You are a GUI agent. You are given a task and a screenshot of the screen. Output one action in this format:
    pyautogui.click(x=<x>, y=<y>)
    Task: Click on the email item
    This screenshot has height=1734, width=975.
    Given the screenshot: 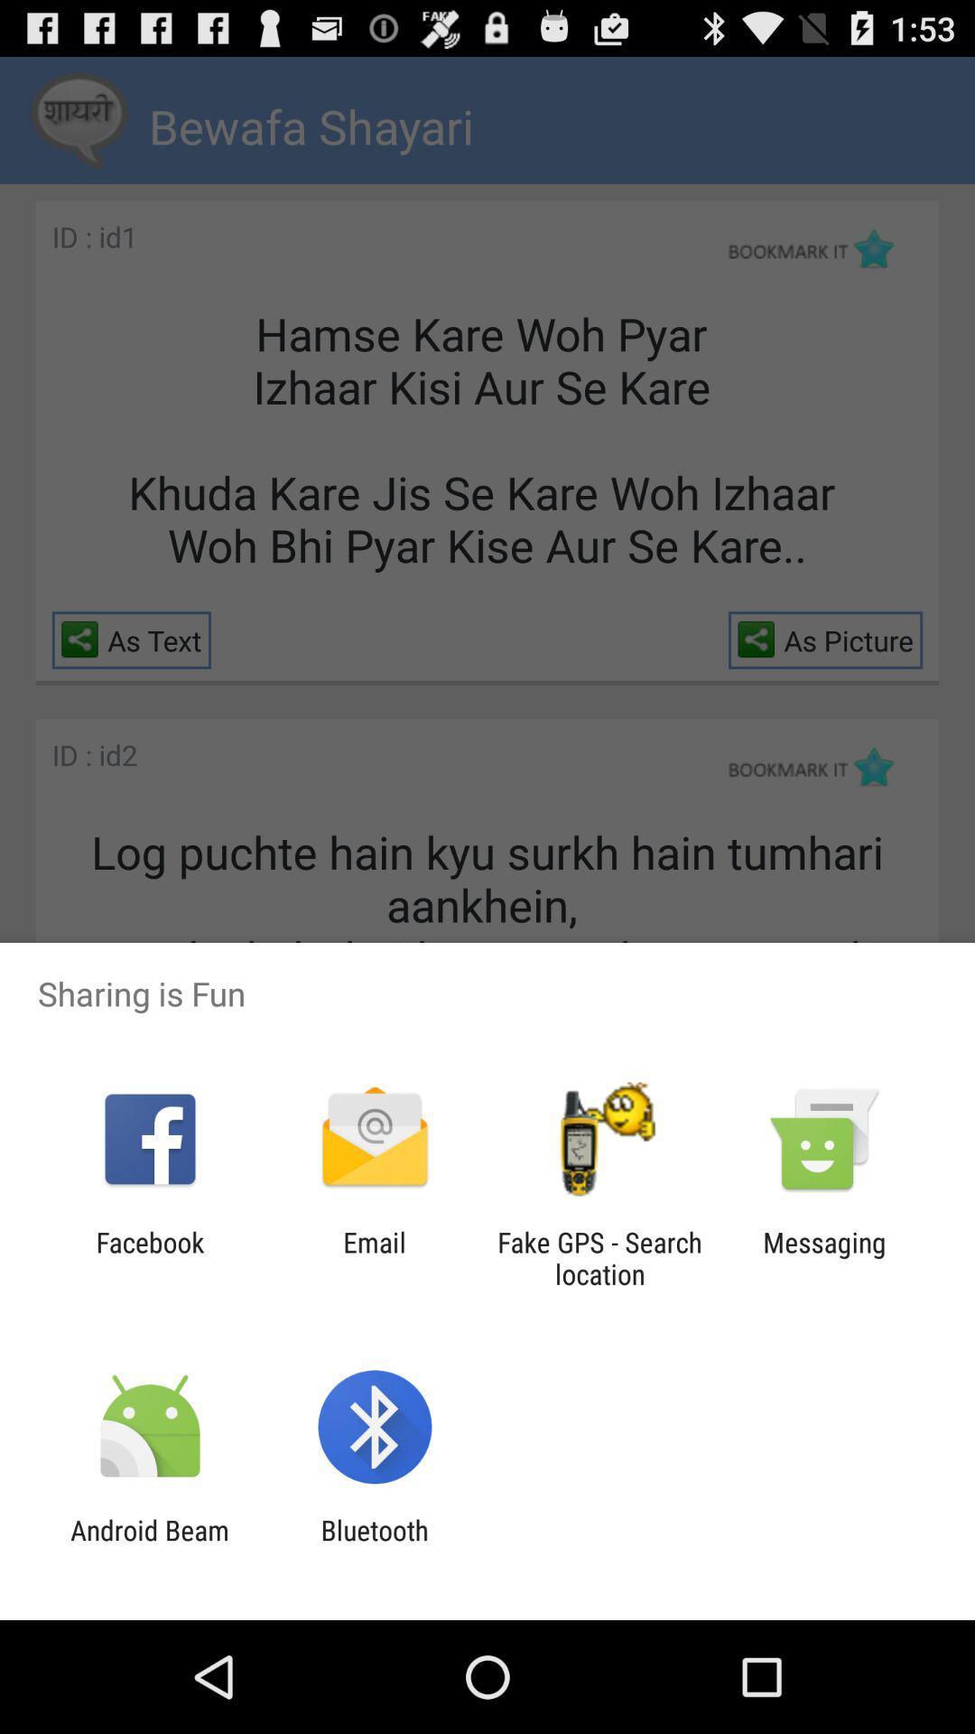 What is the action you would take?
    pyautogui.click(x=374, y=1257)
    